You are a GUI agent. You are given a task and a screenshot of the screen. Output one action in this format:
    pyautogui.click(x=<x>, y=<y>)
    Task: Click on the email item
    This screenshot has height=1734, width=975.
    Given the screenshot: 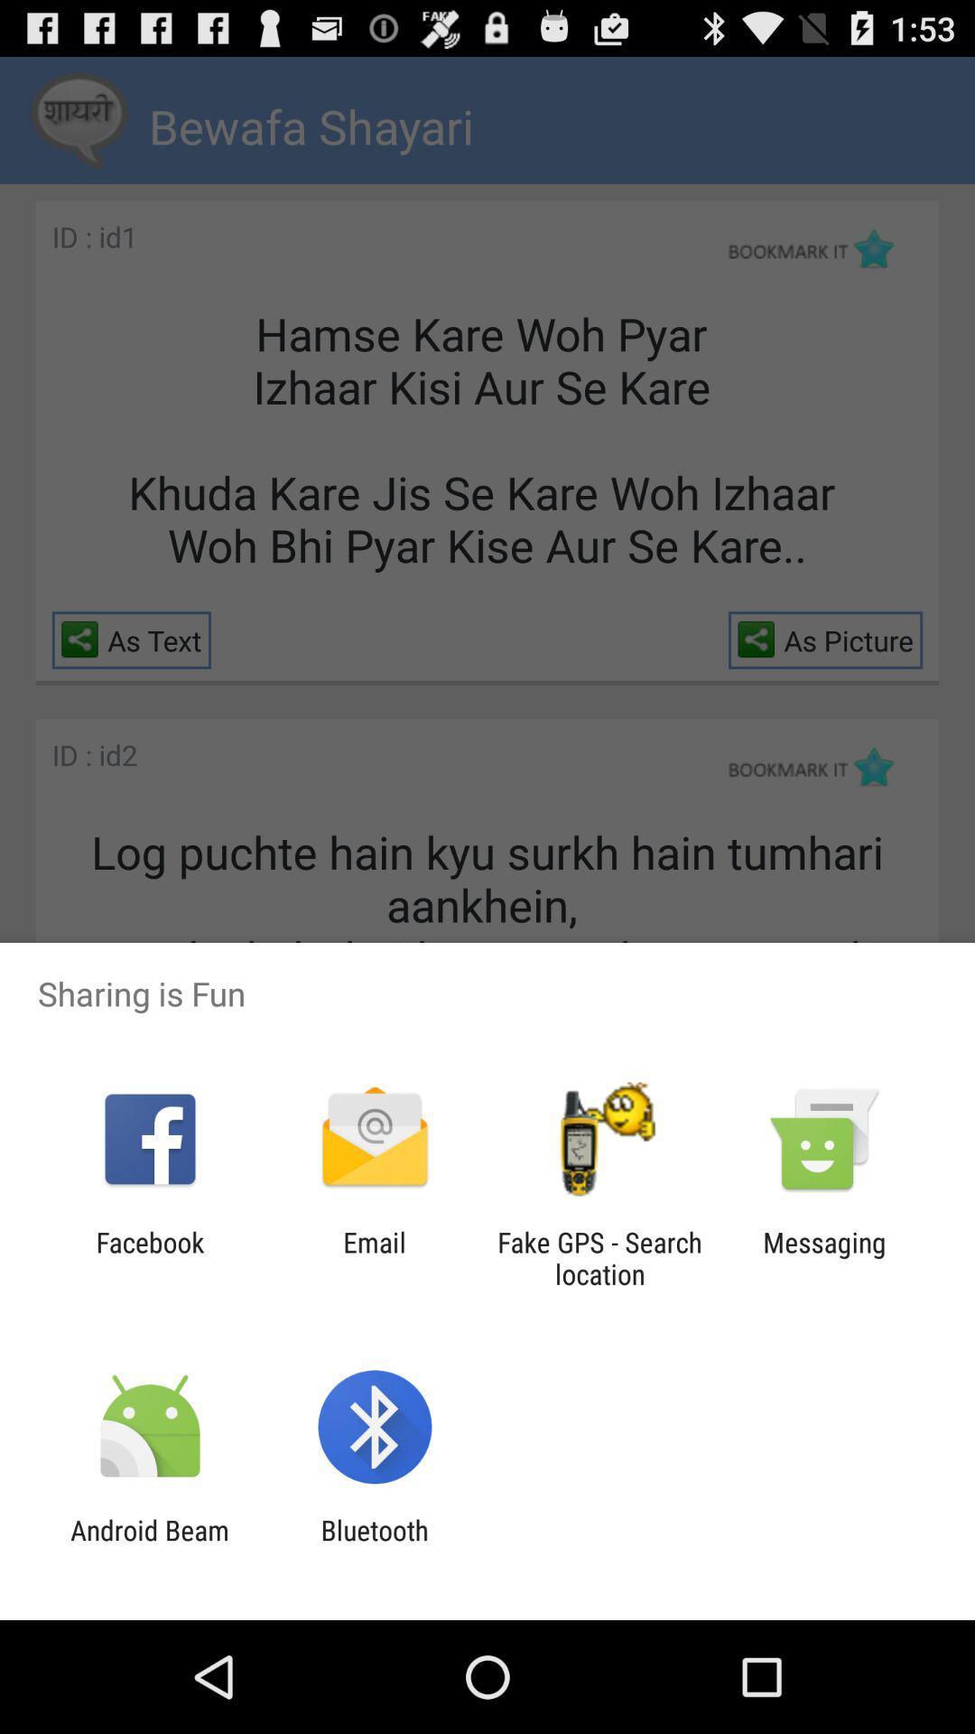 What is the action you would take?
    pyautogui.click(x=374, y=1257)
    